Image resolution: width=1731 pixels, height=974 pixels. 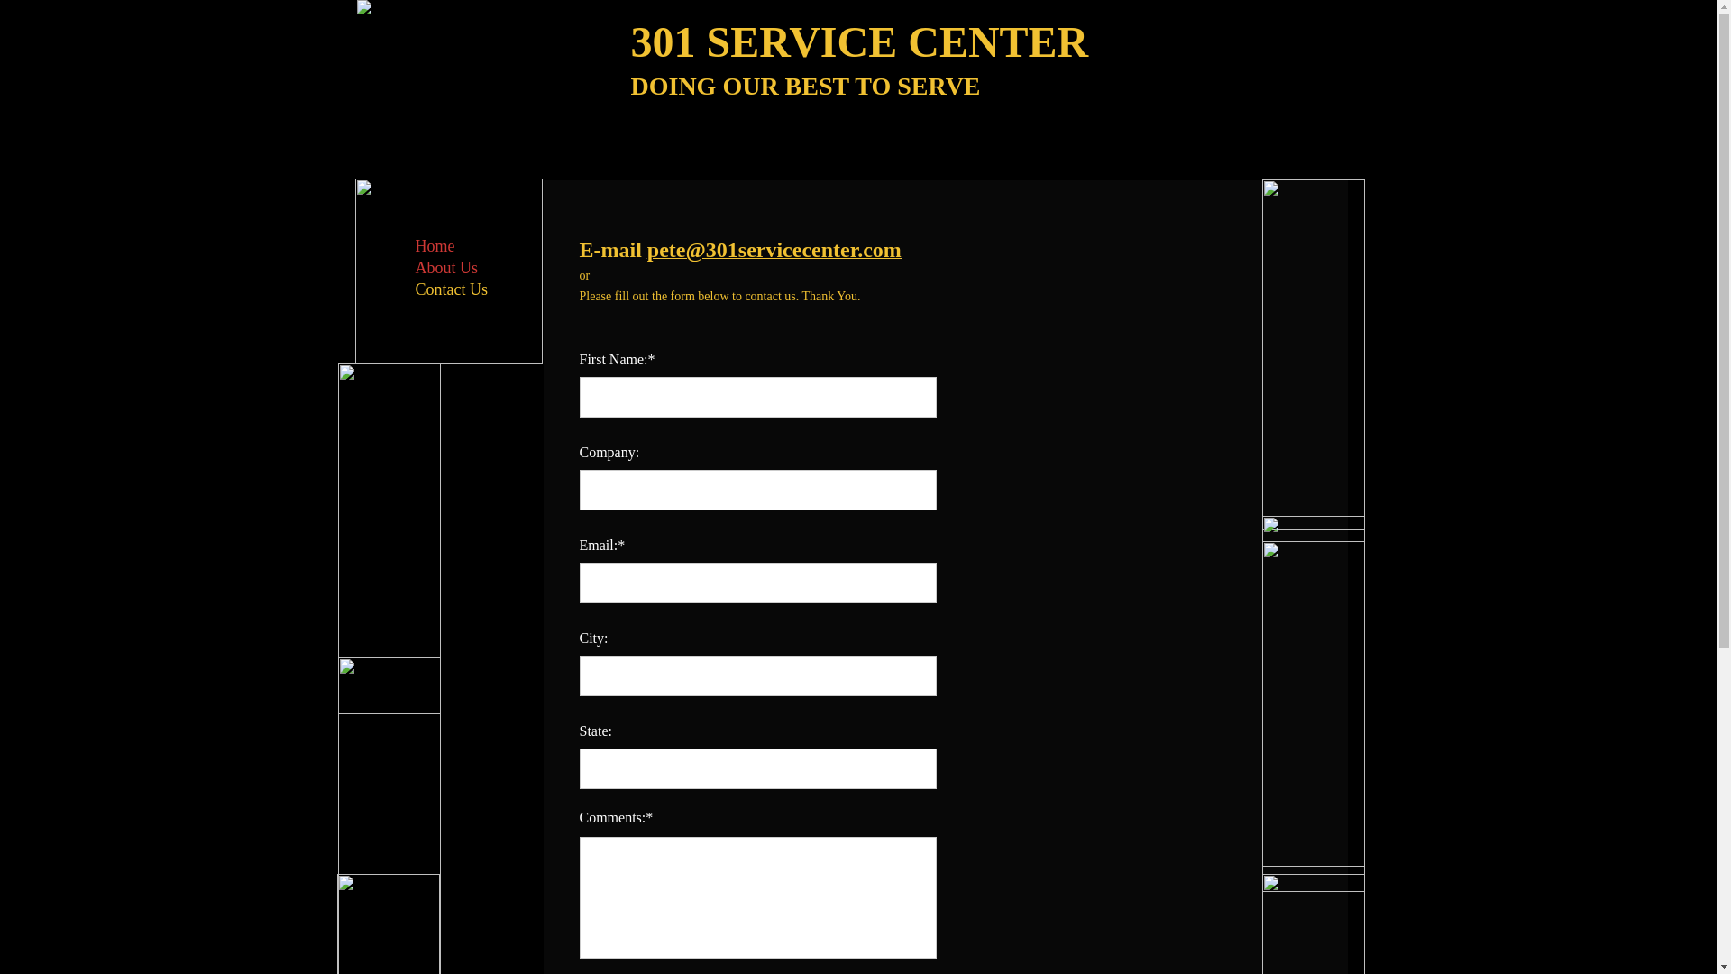 What do you see at coordinates (1314, 690) in the screenshot?
I see `'original.jpg'` at bounding box center [1314, 690].